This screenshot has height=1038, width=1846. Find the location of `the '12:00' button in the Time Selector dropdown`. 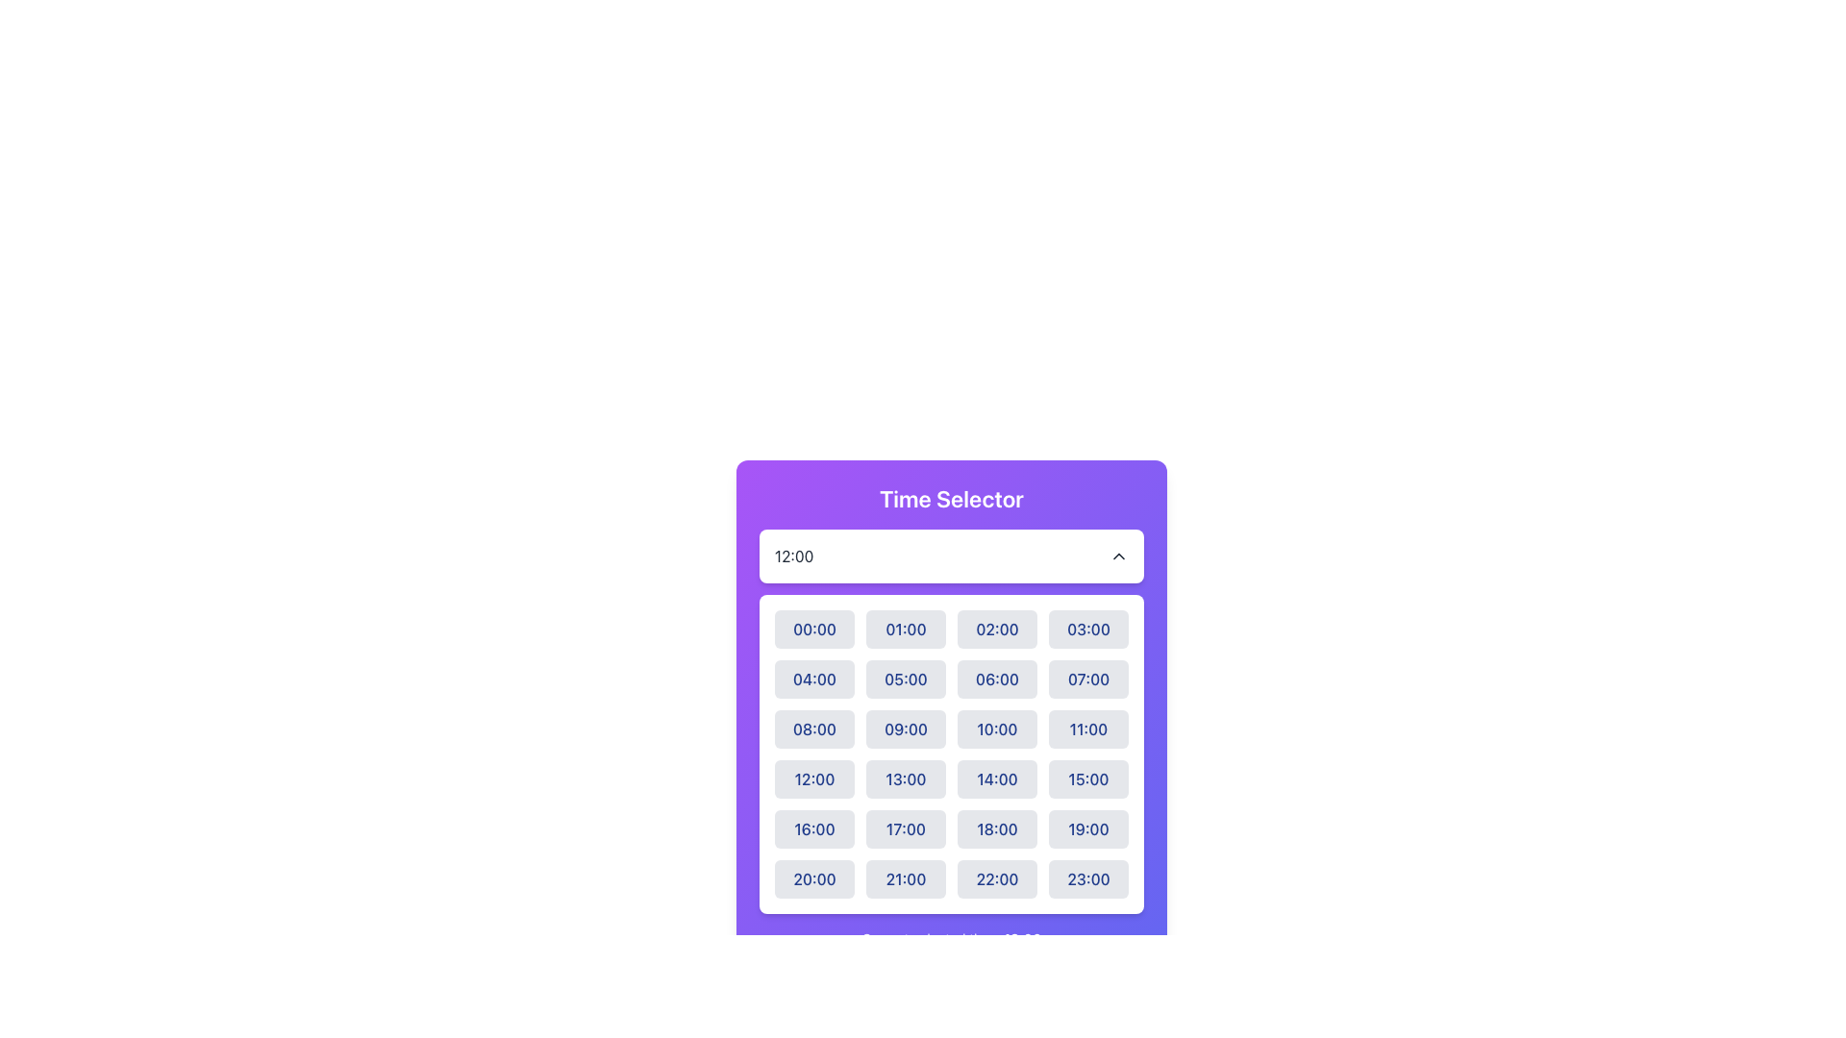

the '12:00' button in the Time Selector dropdown is located at coordinates (814, 778).